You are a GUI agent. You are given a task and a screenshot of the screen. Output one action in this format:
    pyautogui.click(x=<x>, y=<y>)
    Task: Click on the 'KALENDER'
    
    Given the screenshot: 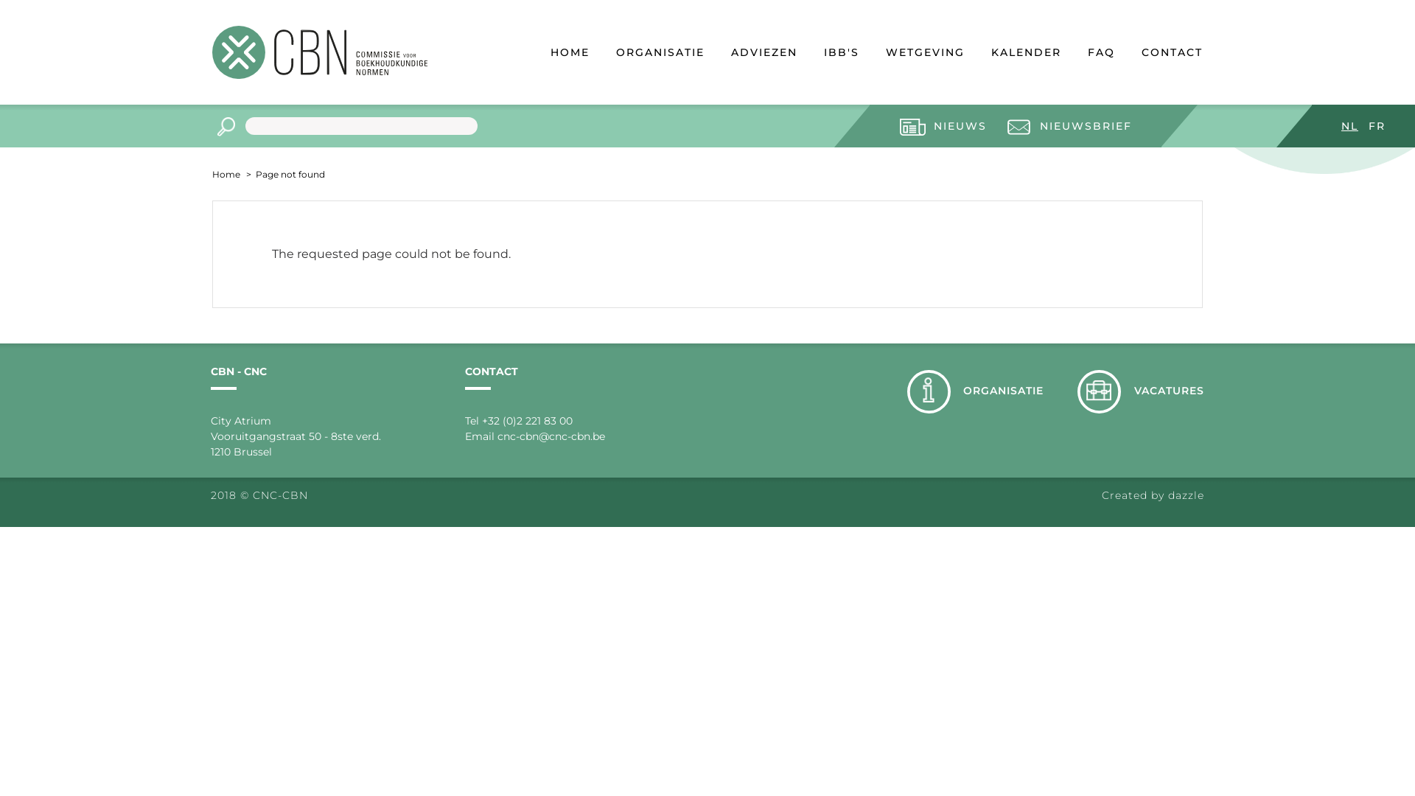 What is the action you would take?
    pyautogui.click(x=1025, y=53)
    